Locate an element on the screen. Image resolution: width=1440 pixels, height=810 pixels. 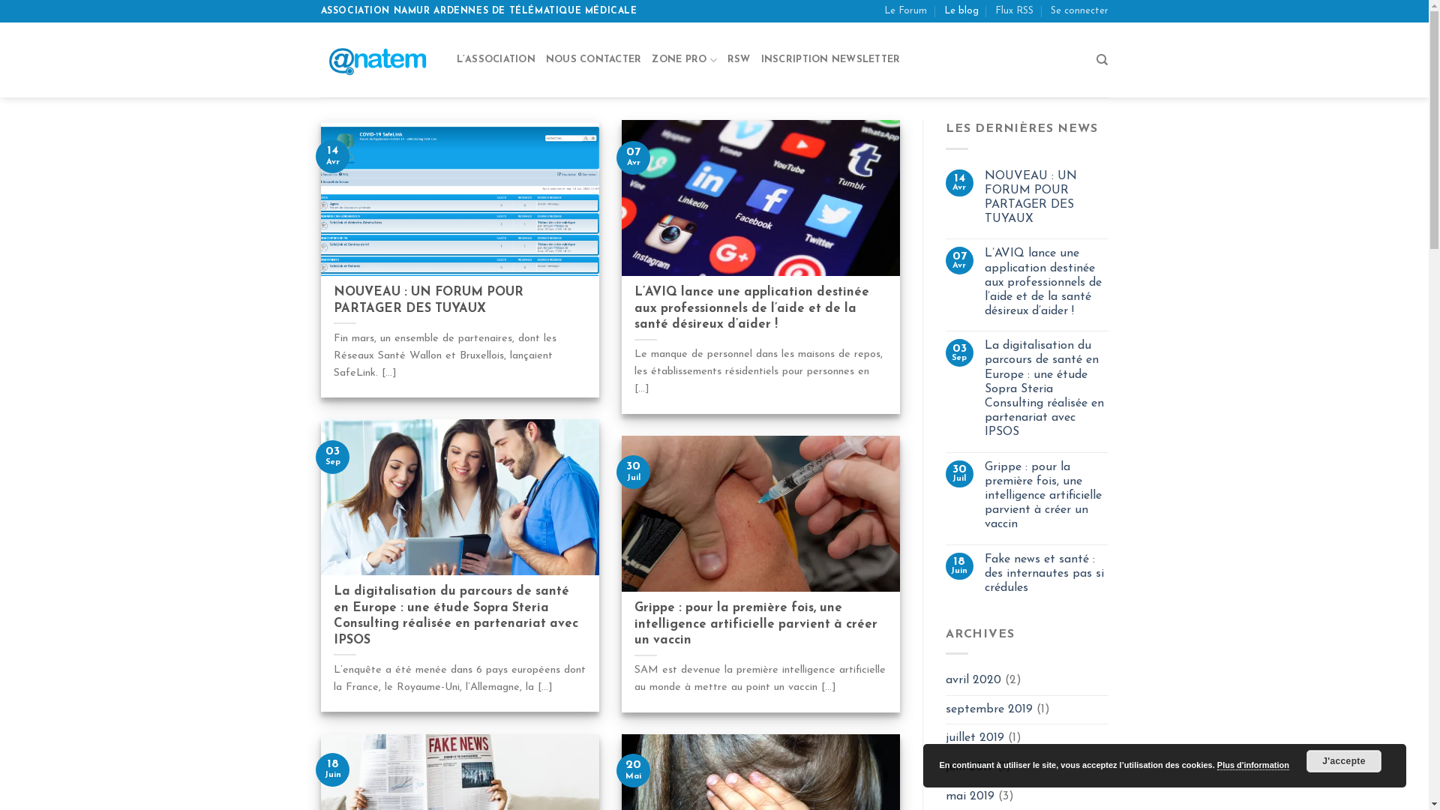
'J'accepte' is located at coordinates (1343, 760).